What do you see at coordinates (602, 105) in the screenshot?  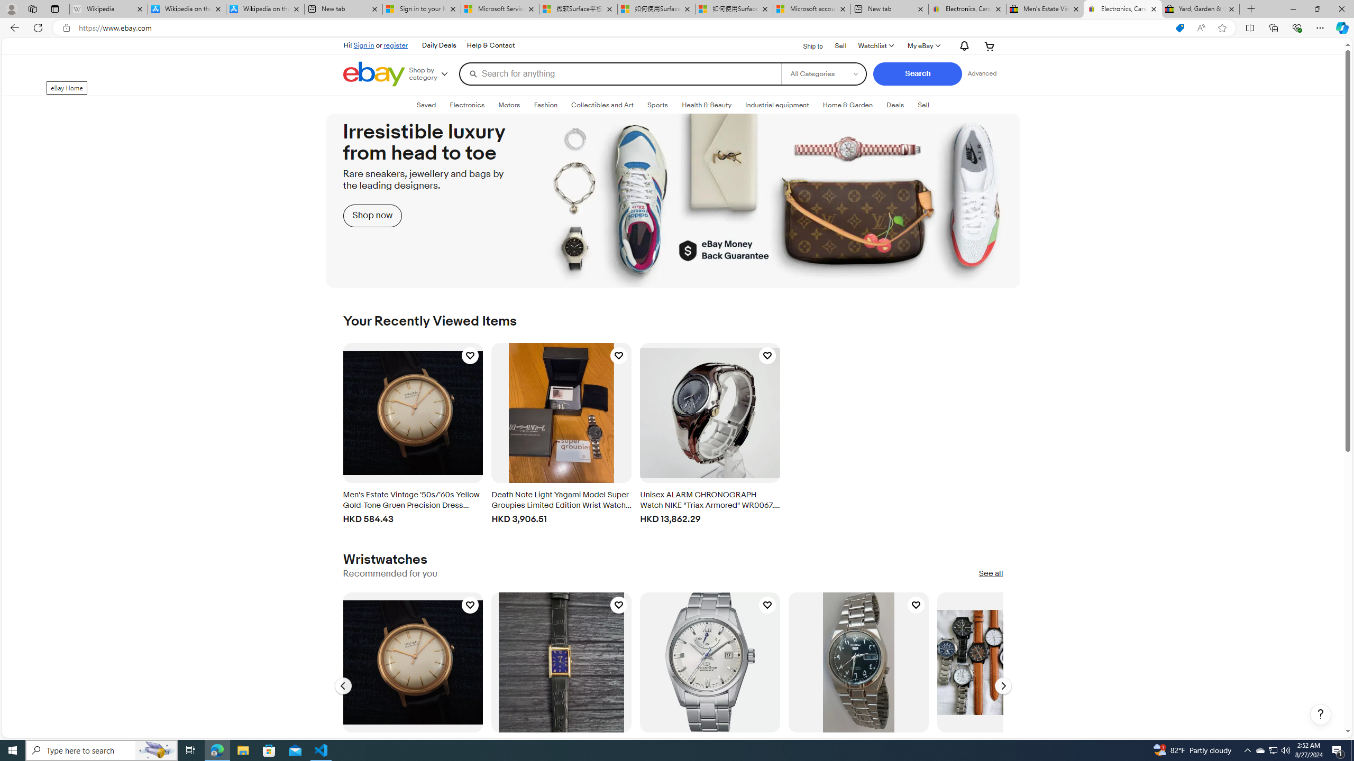 I see `'Collectibles and Art'` at bounding box center [602, 105].